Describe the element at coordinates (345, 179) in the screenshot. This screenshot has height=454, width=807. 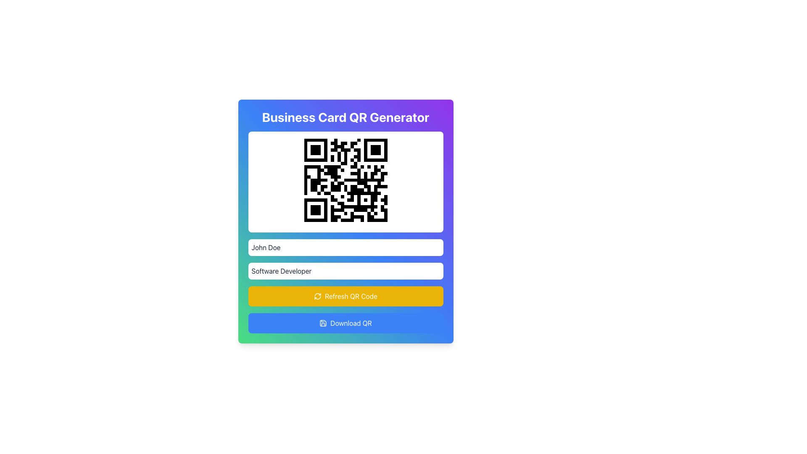
I see `the QR code image, which is centrally positioned within a rounded rectangle card that contains other interactable elements` at that location.